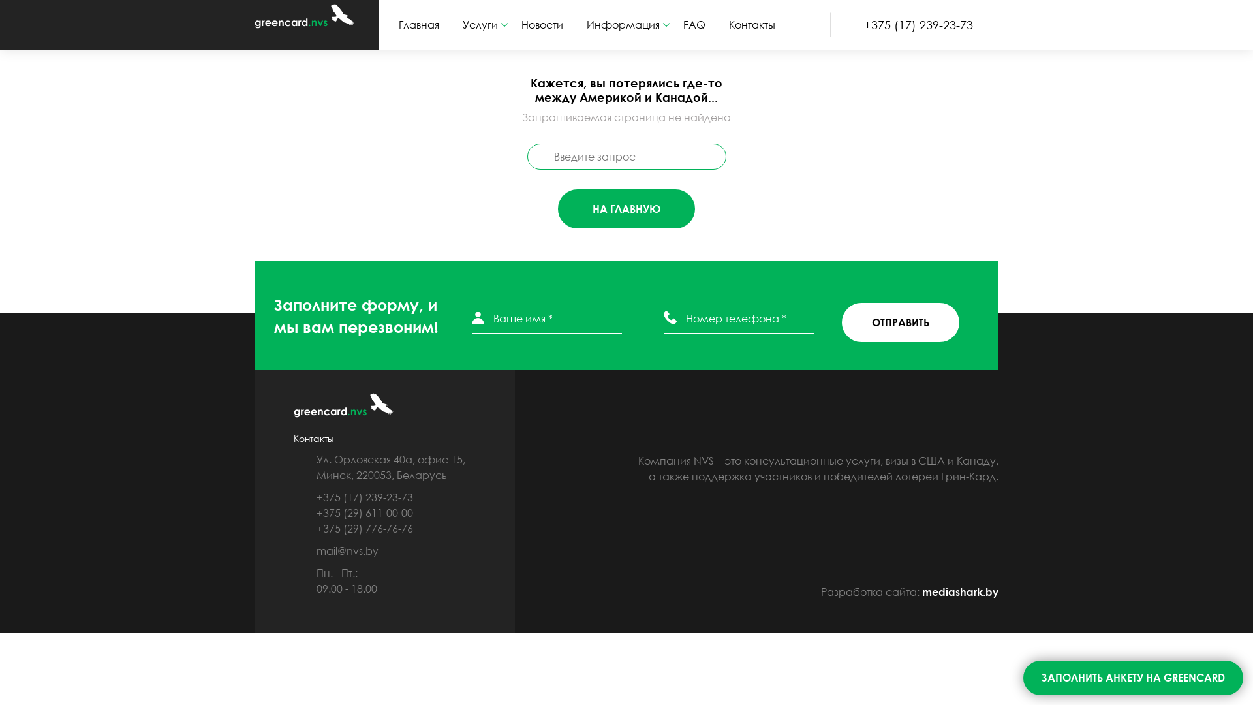 This screenshot has height=705, width=1253. Describe the element at coordinates (698, 25) in the screenshot. I see `'FAQ'` at that location.